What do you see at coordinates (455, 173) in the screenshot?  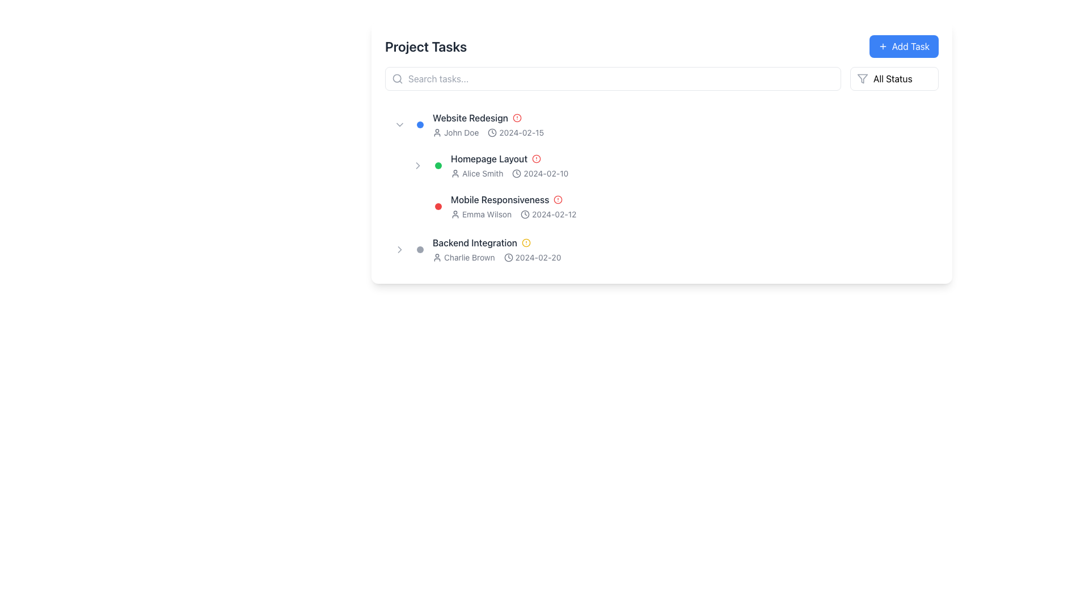 I see `the Profile icon element, which is a small user profile silhouette located to the left of the text 'Alice Smith' in the 'Homepage Layout' item under the 'Project Tasks' section` at bounding box center [455, 173].